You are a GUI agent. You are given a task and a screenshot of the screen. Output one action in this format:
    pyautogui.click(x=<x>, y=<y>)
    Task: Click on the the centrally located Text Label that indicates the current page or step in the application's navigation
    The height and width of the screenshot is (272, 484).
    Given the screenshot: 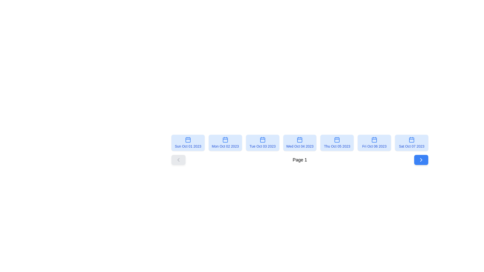 What is the action you would take?
    pyautogui.click(x=300, y=160)
    